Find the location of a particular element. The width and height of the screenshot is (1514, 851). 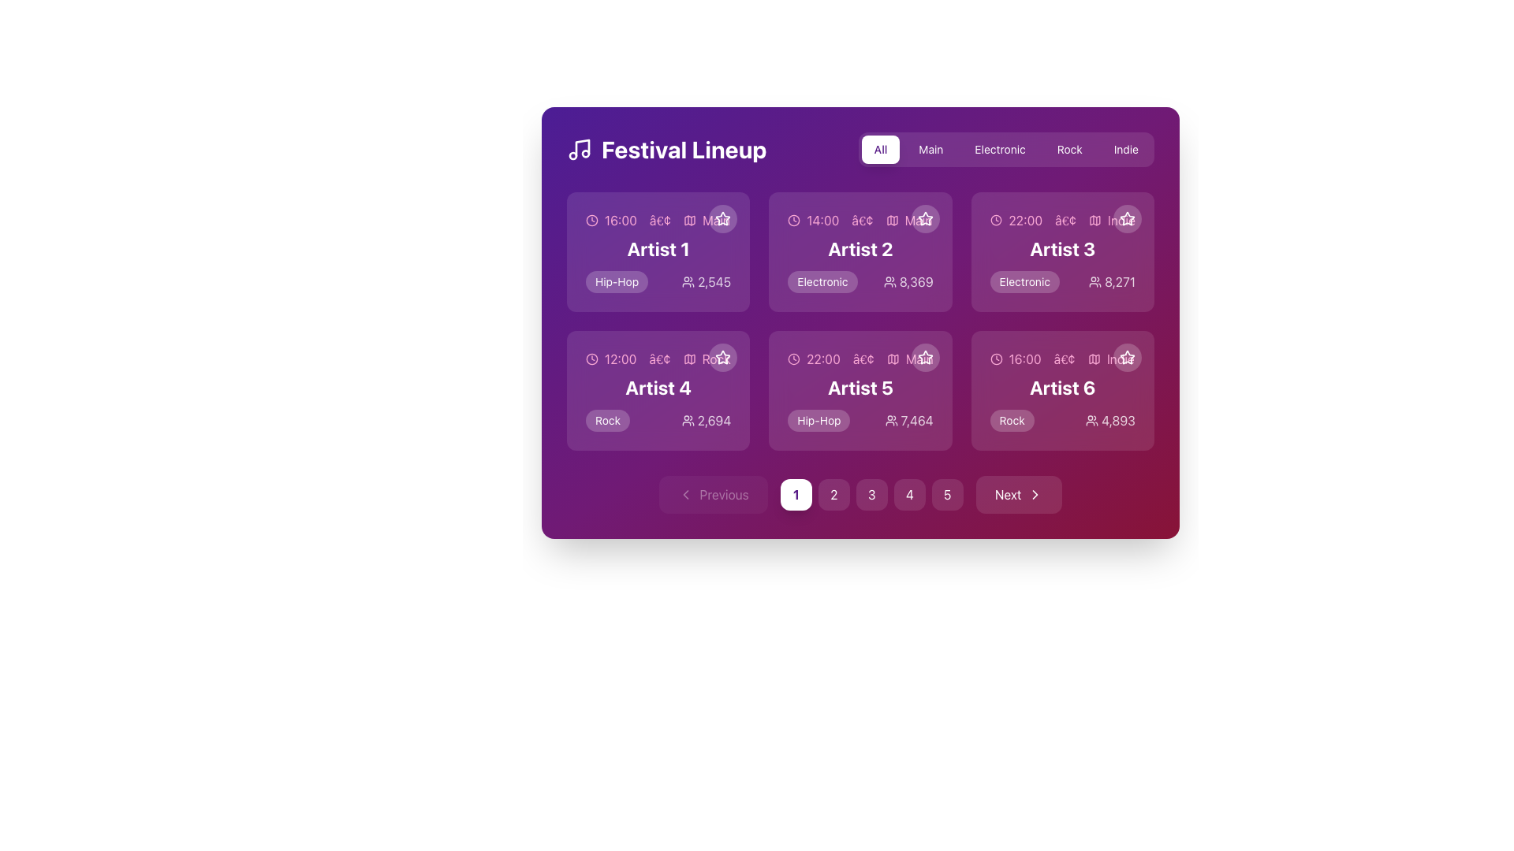

the circular bullet symbol (•) located between the time label '12:00' and the genre label 'rock' in the 'Artist 4' card is located at coordinates (659, 359).